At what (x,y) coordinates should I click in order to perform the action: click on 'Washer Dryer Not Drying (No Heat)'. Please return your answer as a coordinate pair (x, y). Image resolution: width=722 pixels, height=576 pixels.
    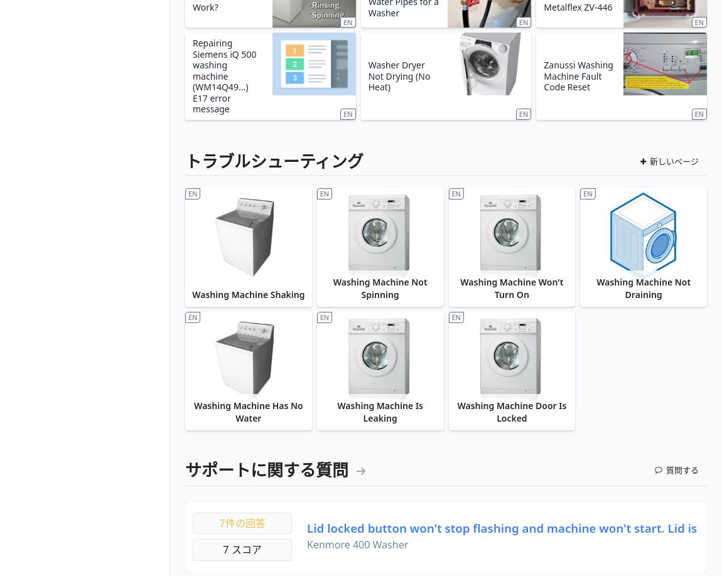
    Looking at the image, I should click on (398, 75).